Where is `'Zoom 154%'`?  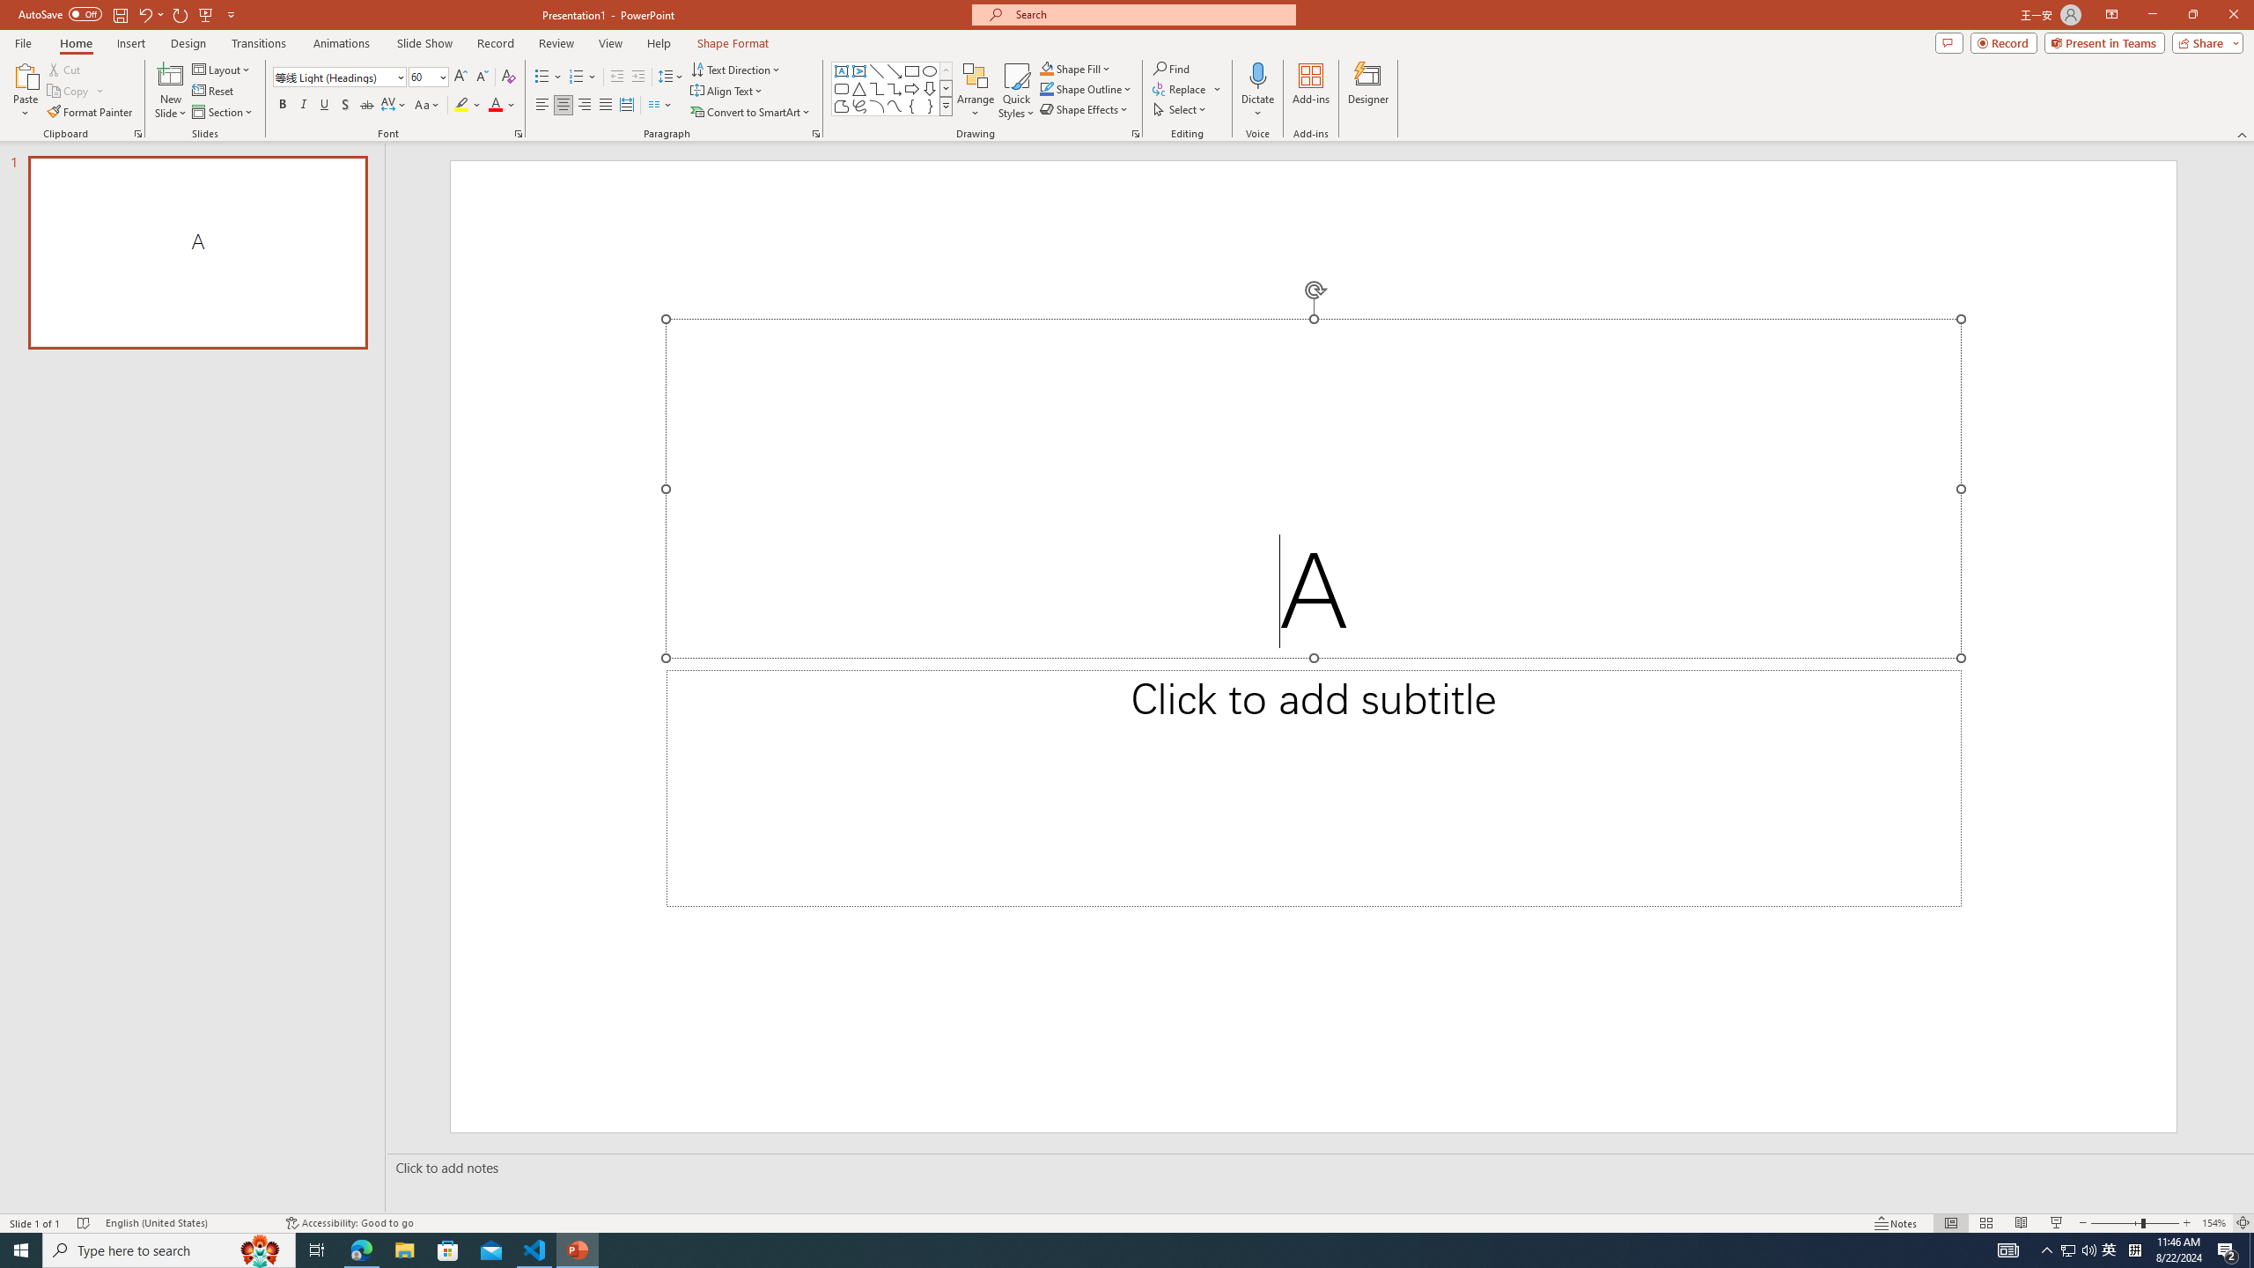 'Zoom 154%' is located at coordinates (2214, 1223).